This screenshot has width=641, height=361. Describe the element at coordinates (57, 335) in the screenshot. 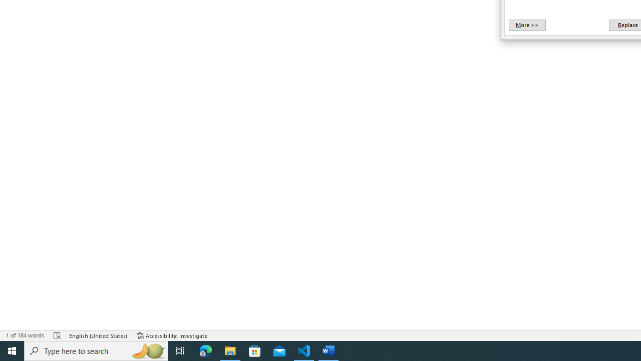

I see `'Spelling and Grammar Check Errors'` at that location.